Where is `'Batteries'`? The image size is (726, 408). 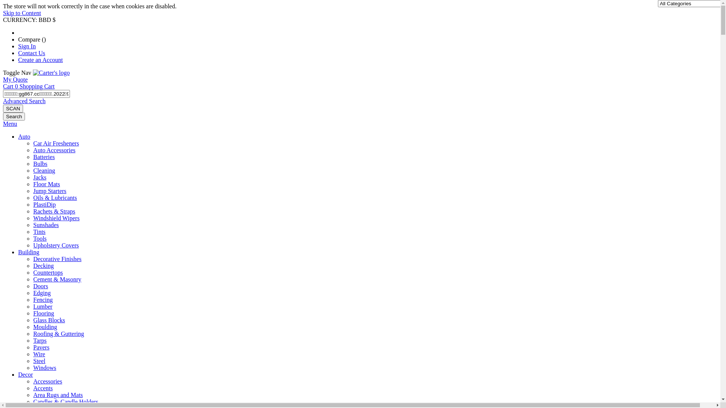
'Batteries' is located at coordinates (33, 156).